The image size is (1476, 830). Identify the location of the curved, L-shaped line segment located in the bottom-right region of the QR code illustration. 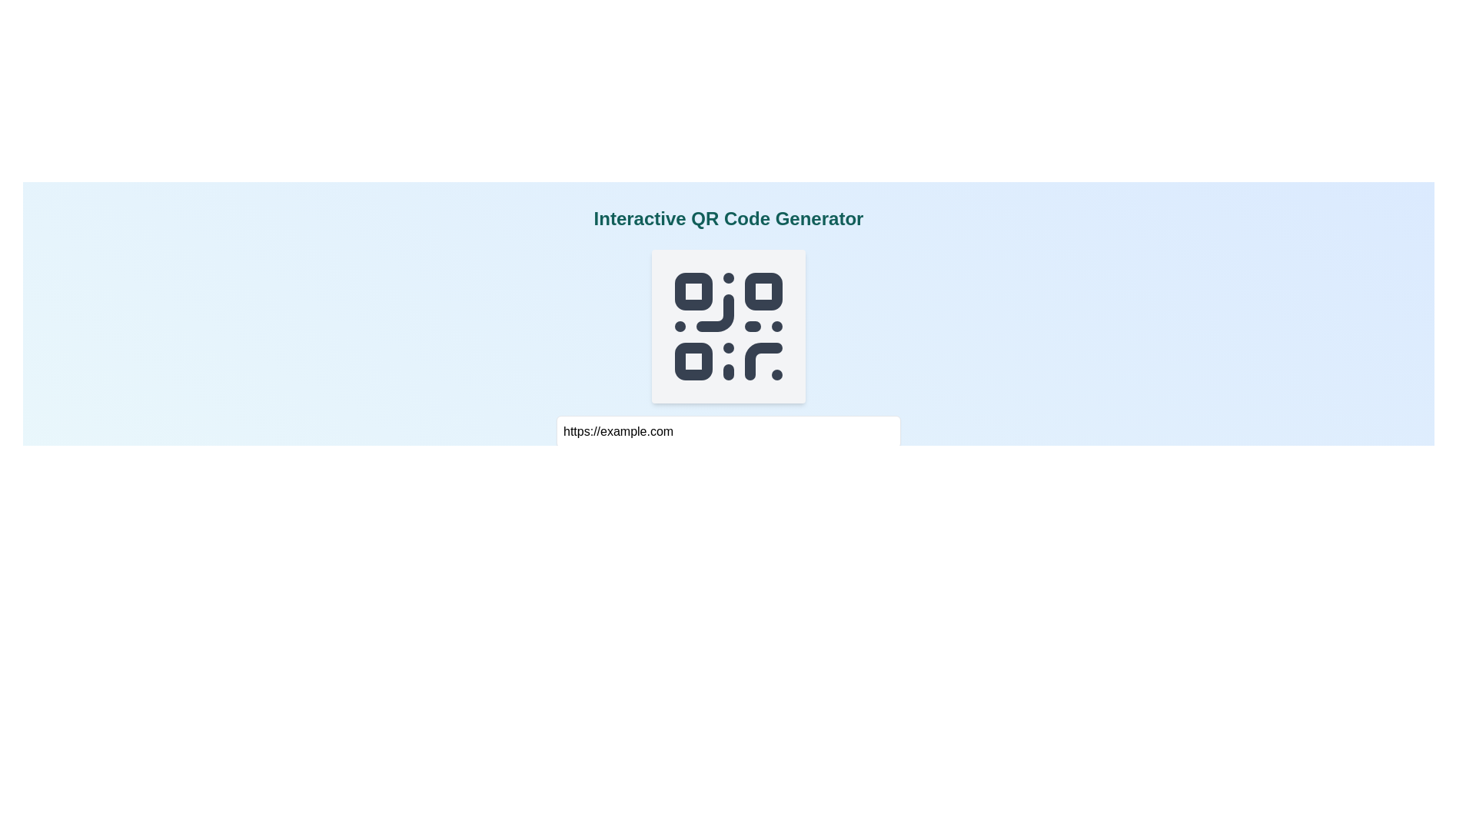
(763, 361).